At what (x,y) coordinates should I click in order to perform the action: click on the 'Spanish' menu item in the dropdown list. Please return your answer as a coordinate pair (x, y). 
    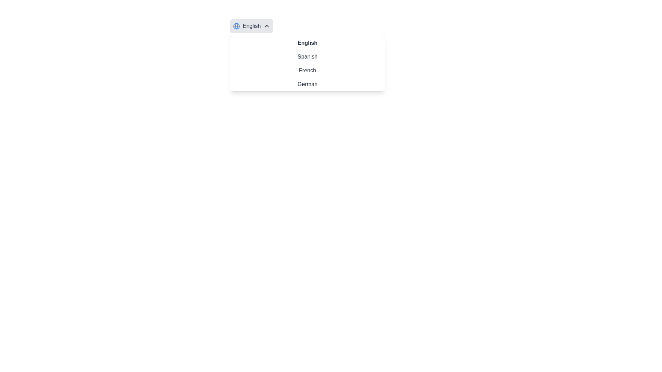
    Looking at the image, I should click on (307, 56).